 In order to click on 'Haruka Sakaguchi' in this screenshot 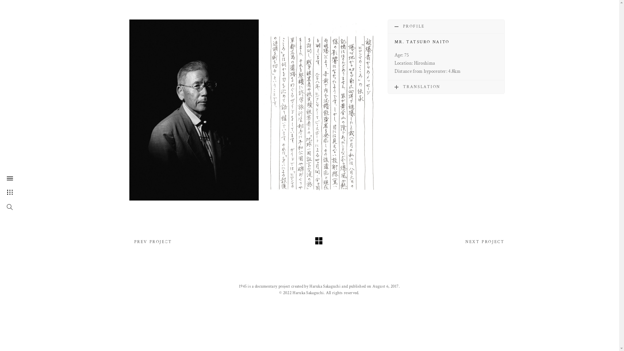, I will do `click(325, 286)`.